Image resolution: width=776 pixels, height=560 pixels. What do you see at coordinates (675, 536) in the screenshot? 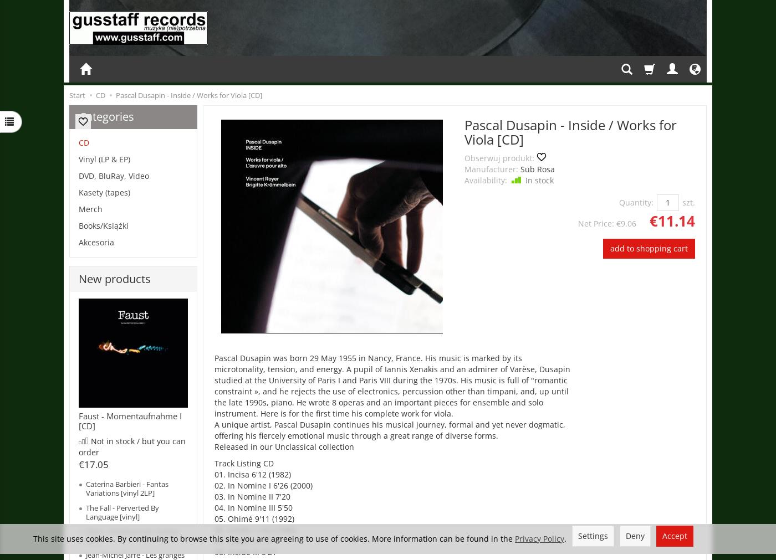
I see `'Accept'` at bounding box center [675, 536].